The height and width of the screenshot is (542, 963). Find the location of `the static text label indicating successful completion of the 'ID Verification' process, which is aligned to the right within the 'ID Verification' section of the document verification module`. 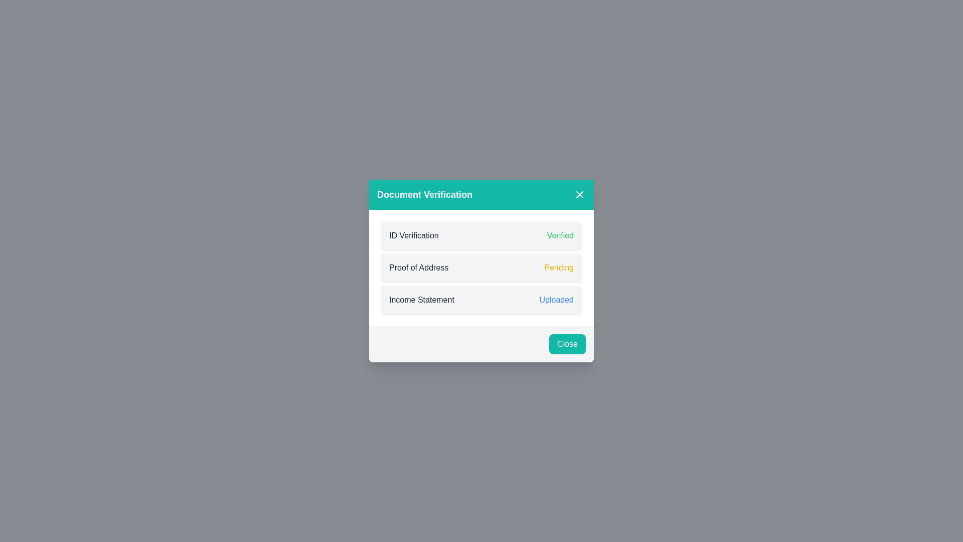

the static text label indicating successful completion of the 'ID Verification' process, which is aligned to the right within the 'ID Verification' section of the document verification module is located at coordinates (560, 236).